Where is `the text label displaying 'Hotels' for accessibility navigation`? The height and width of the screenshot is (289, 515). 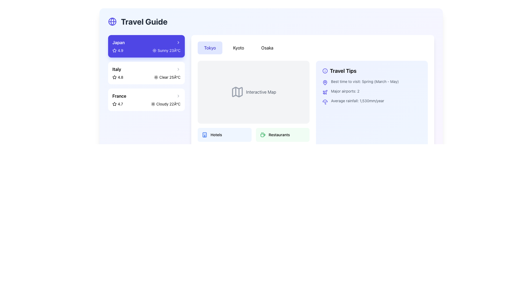
the text label displaying 'Hotels' for accessibility navigation is located at coordinates (216, 134).